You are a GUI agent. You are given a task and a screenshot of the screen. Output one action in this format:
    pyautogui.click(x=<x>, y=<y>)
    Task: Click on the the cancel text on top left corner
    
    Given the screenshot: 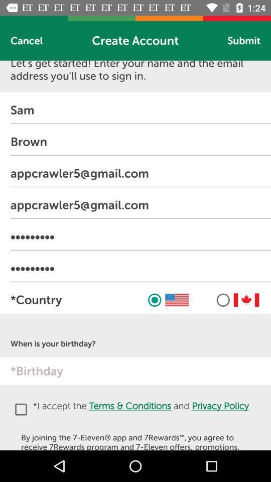 What is the action you would take?
    pyautogui.click(x=27, y=41)
    